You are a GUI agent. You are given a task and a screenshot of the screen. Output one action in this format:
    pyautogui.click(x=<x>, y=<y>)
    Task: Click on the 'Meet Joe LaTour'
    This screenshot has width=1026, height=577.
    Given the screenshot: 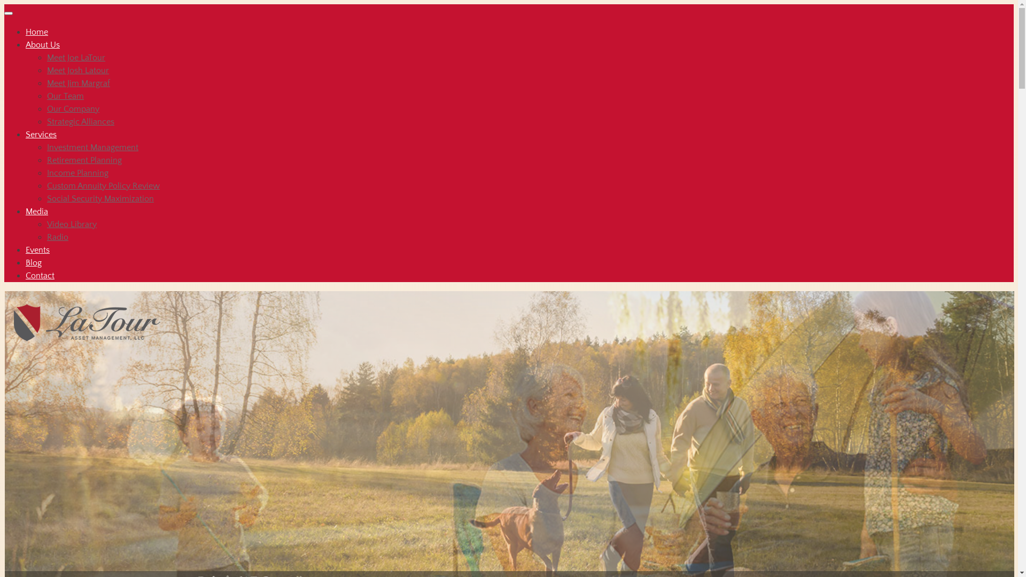 What is the action you would take?
    pyautogui.click(x=75, y=58)
    